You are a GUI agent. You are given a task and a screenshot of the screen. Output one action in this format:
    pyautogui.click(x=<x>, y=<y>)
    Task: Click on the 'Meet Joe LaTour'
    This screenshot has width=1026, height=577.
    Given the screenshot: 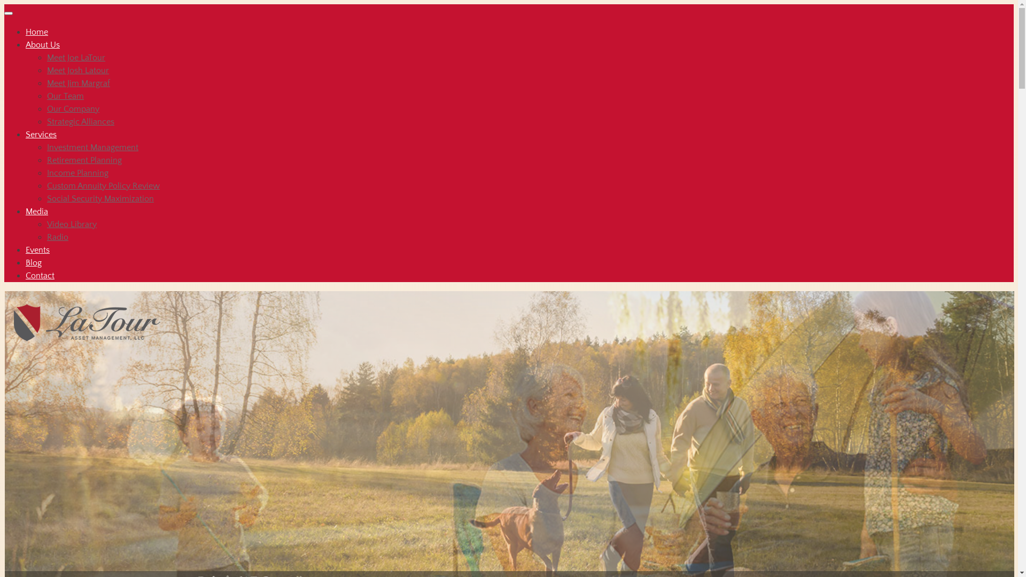 What is the action you would take?
    pyautogui.click(x=75, y=58)
    